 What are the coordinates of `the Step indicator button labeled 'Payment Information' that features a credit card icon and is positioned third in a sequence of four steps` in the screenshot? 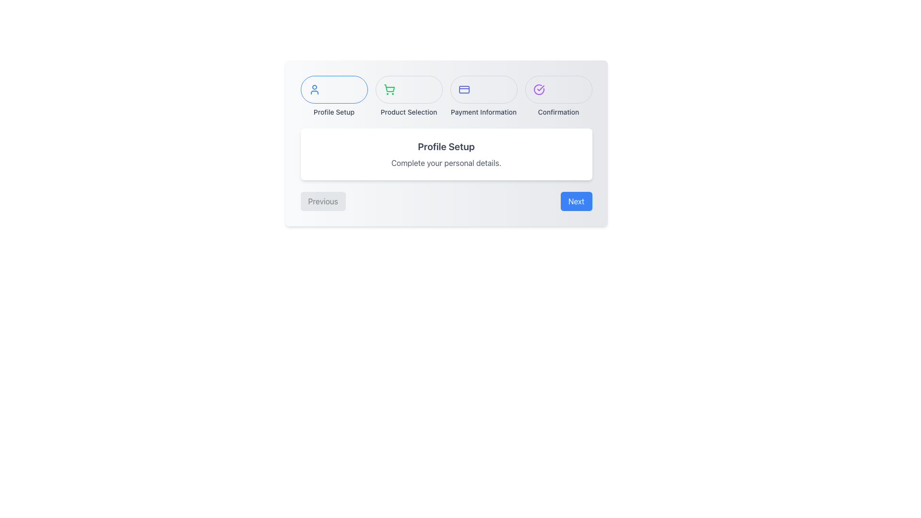 It's located at (484, 96).